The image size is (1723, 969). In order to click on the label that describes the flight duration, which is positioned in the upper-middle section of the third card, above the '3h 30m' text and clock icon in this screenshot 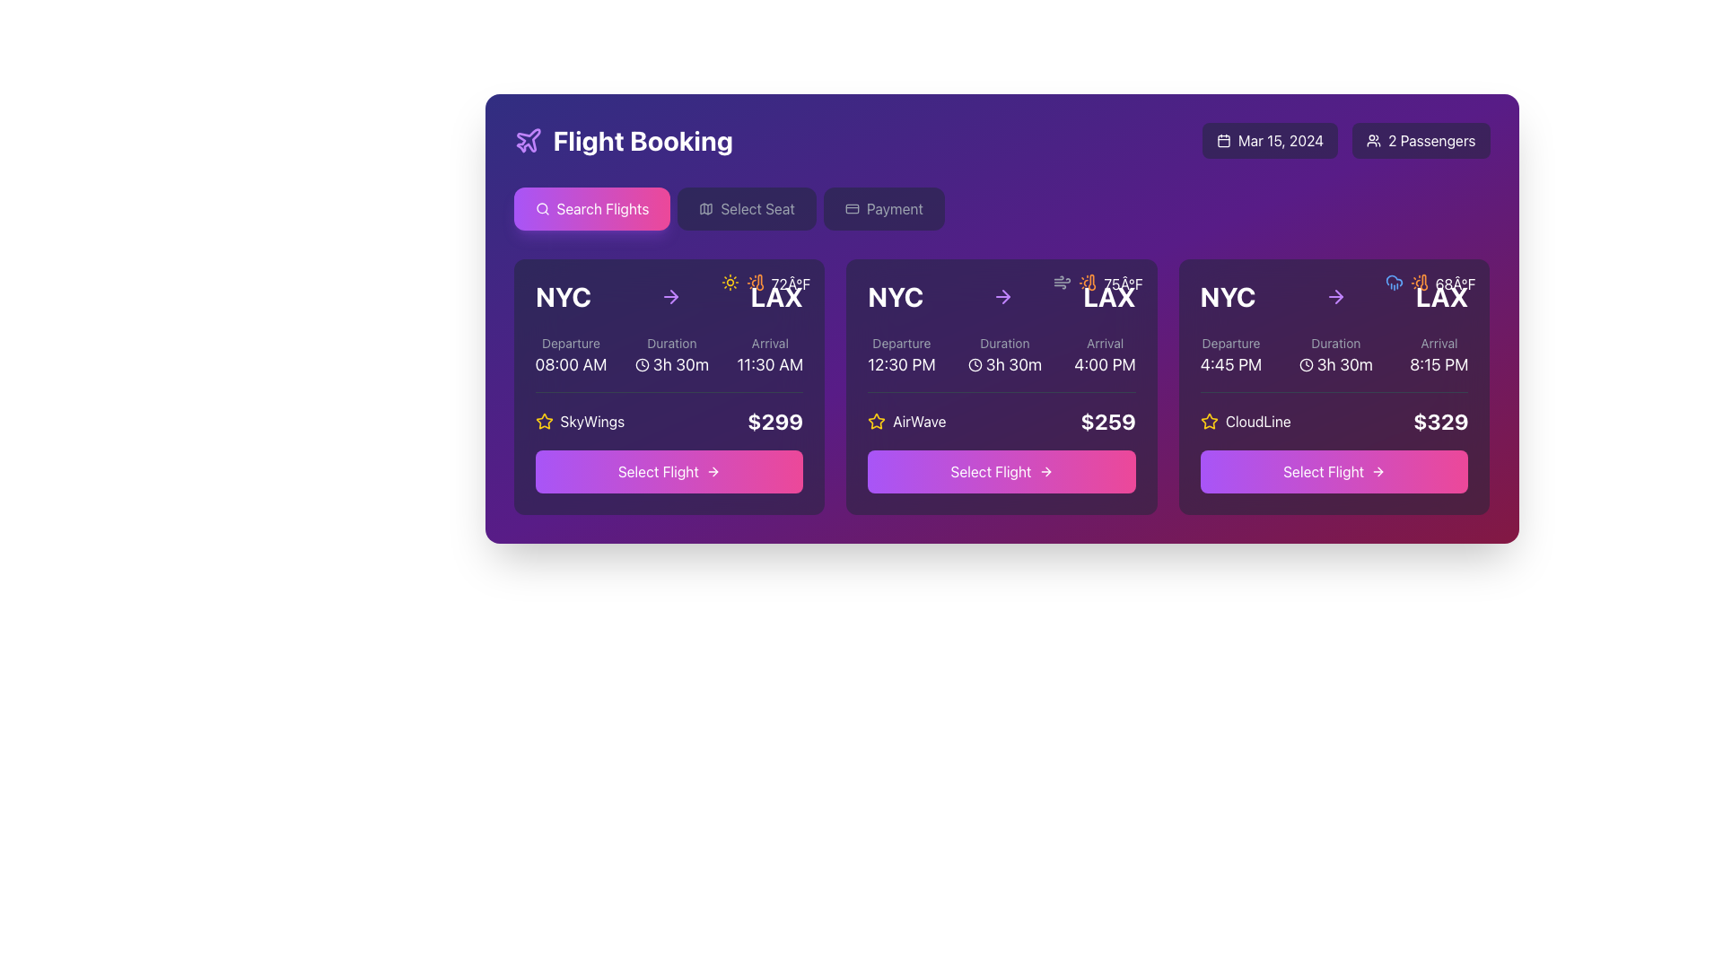, I will do `click(1335, 343)`.